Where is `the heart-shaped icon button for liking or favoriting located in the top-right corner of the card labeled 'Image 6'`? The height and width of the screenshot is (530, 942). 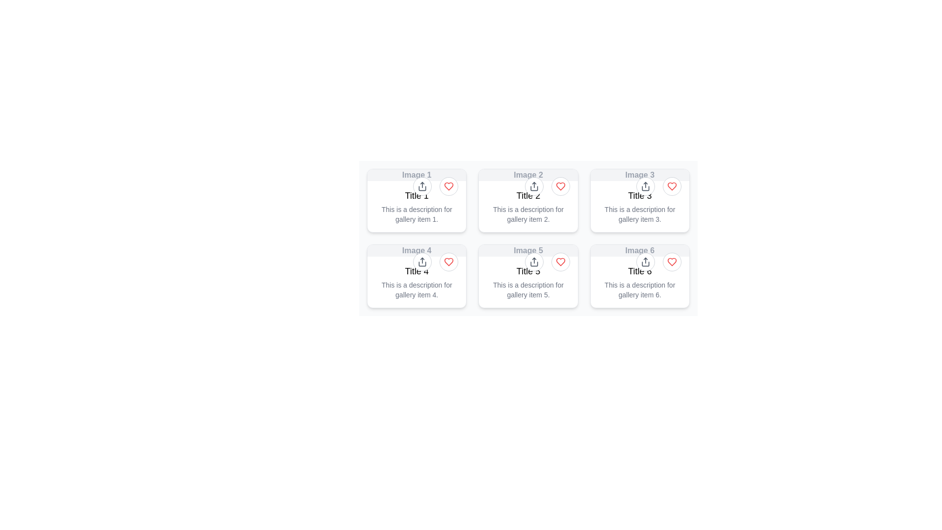
the heart-shaped icon button for liking or favoriting located in the top-right corner of the card labeled 'Image 6' is located at coordinates (671, 186).